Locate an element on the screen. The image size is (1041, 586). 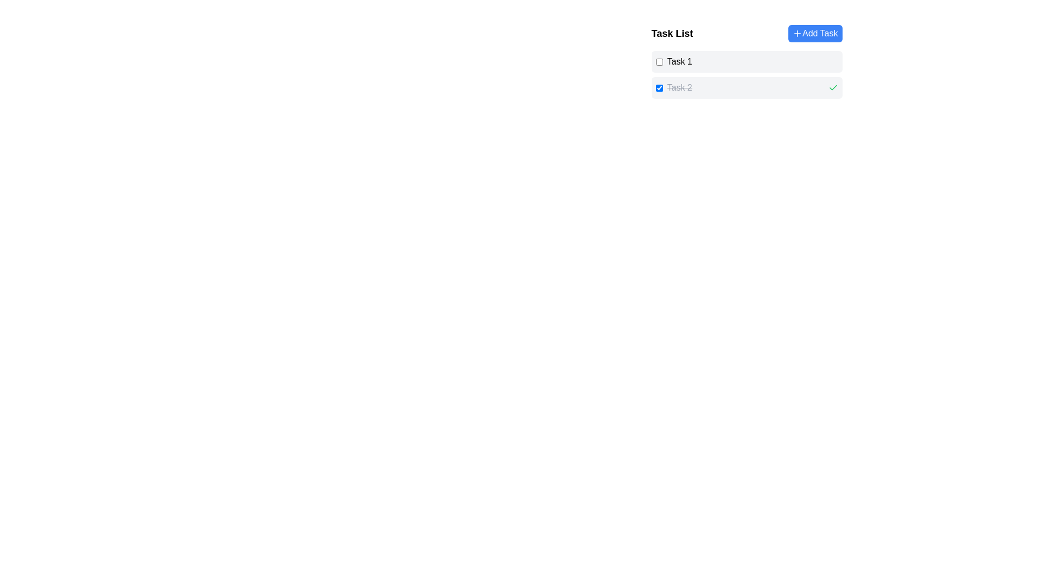
the bold text label 'Task List' located to the left of the 'Add Task' button is located at coordinates (671, 33).